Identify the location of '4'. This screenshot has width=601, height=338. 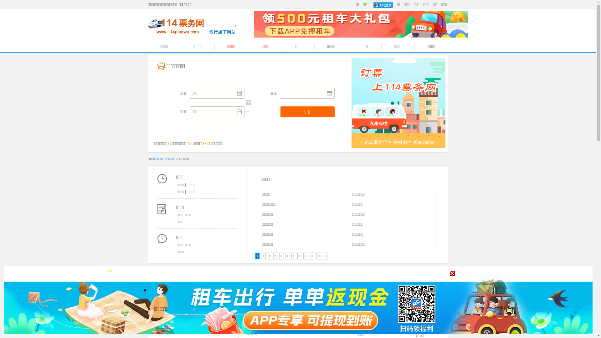
(275, 256).